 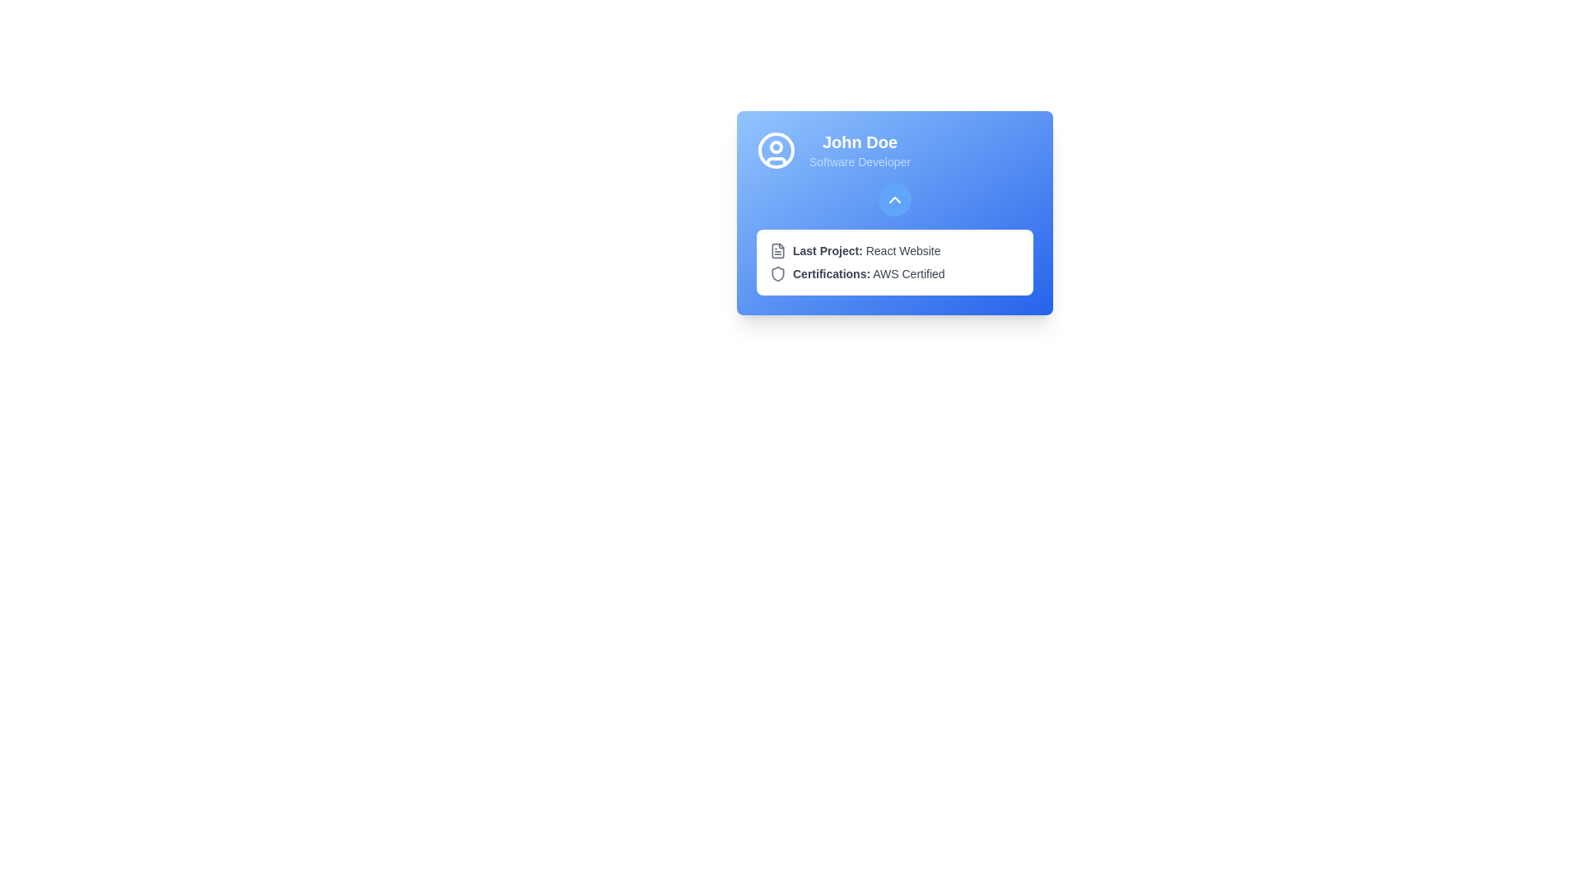 I want to click on the static text label displaying 'Certifications: AWS Certified', which indicates the user's achievements and is located under the 'Last Project' section, so click(x=868, y=272).